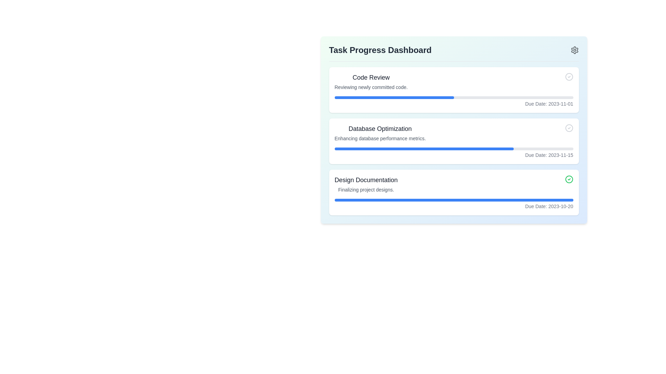 This screenshot has width=666, height=374. Describe the element at coordinates (366, 184) in the screenshot. I see `the text block that displays 'Design Documentation' and 'Finalizing project designs' within the third task card of the task dashboard interface` at that location.